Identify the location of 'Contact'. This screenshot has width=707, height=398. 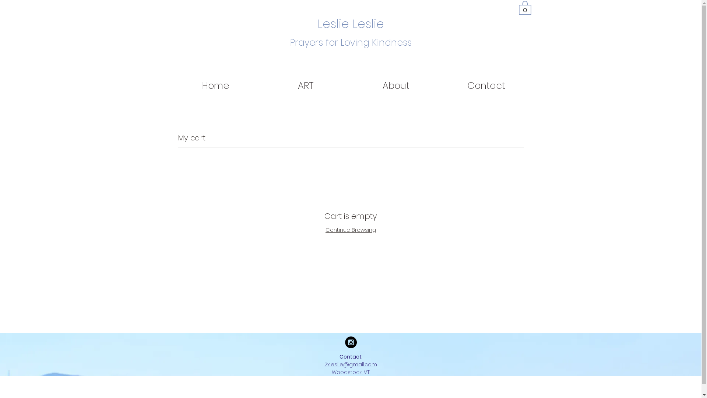
(486, 85).